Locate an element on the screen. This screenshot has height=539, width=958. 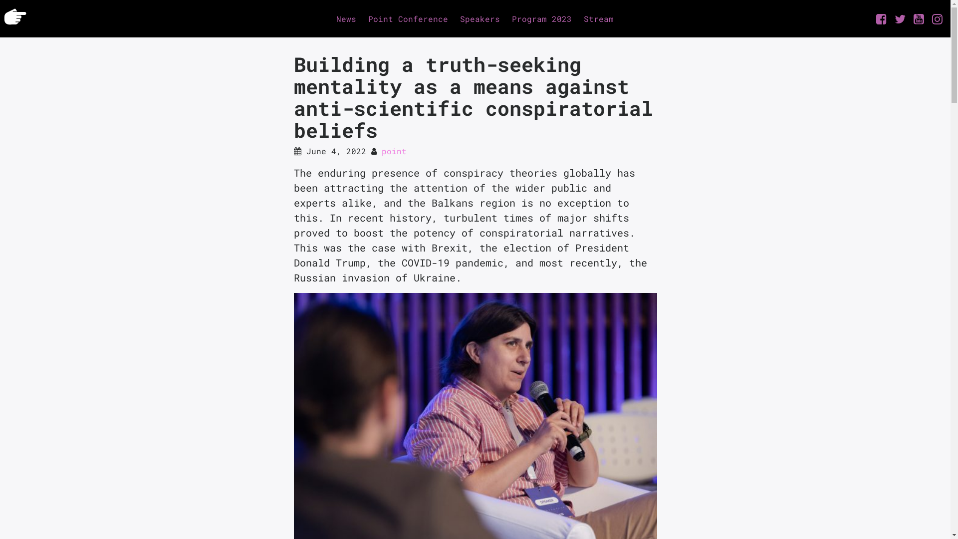
'facebook' is located at coordinates (871, 19).